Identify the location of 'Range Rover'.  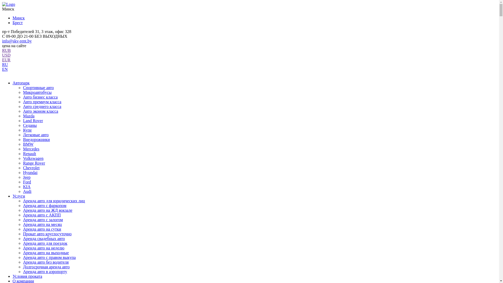
(23, 163).